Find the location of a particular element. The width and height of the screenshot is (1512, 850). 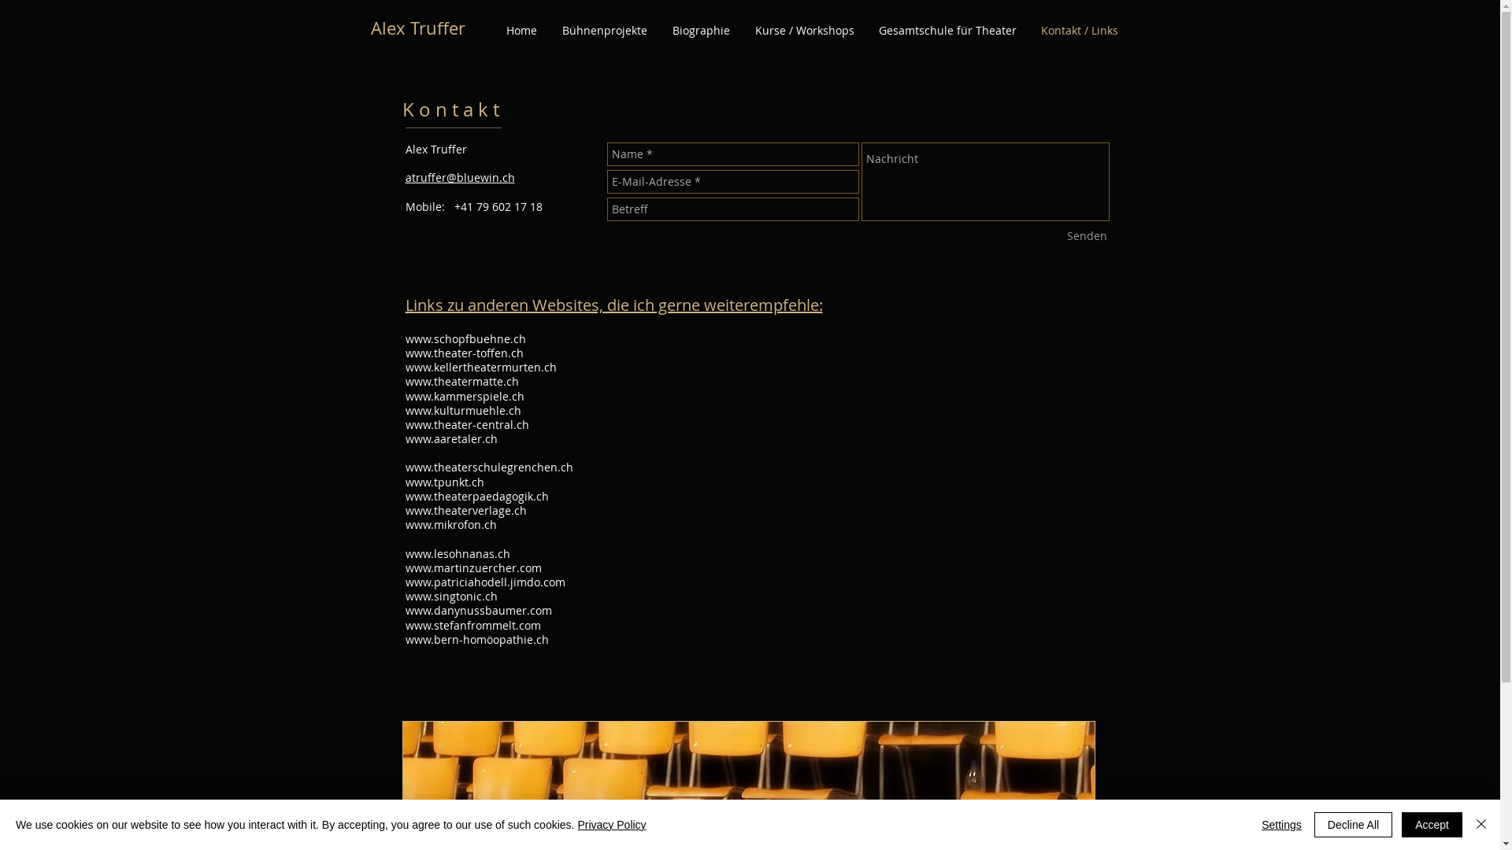

'Kurse / Workshops' is located at coordinates (740, 30).